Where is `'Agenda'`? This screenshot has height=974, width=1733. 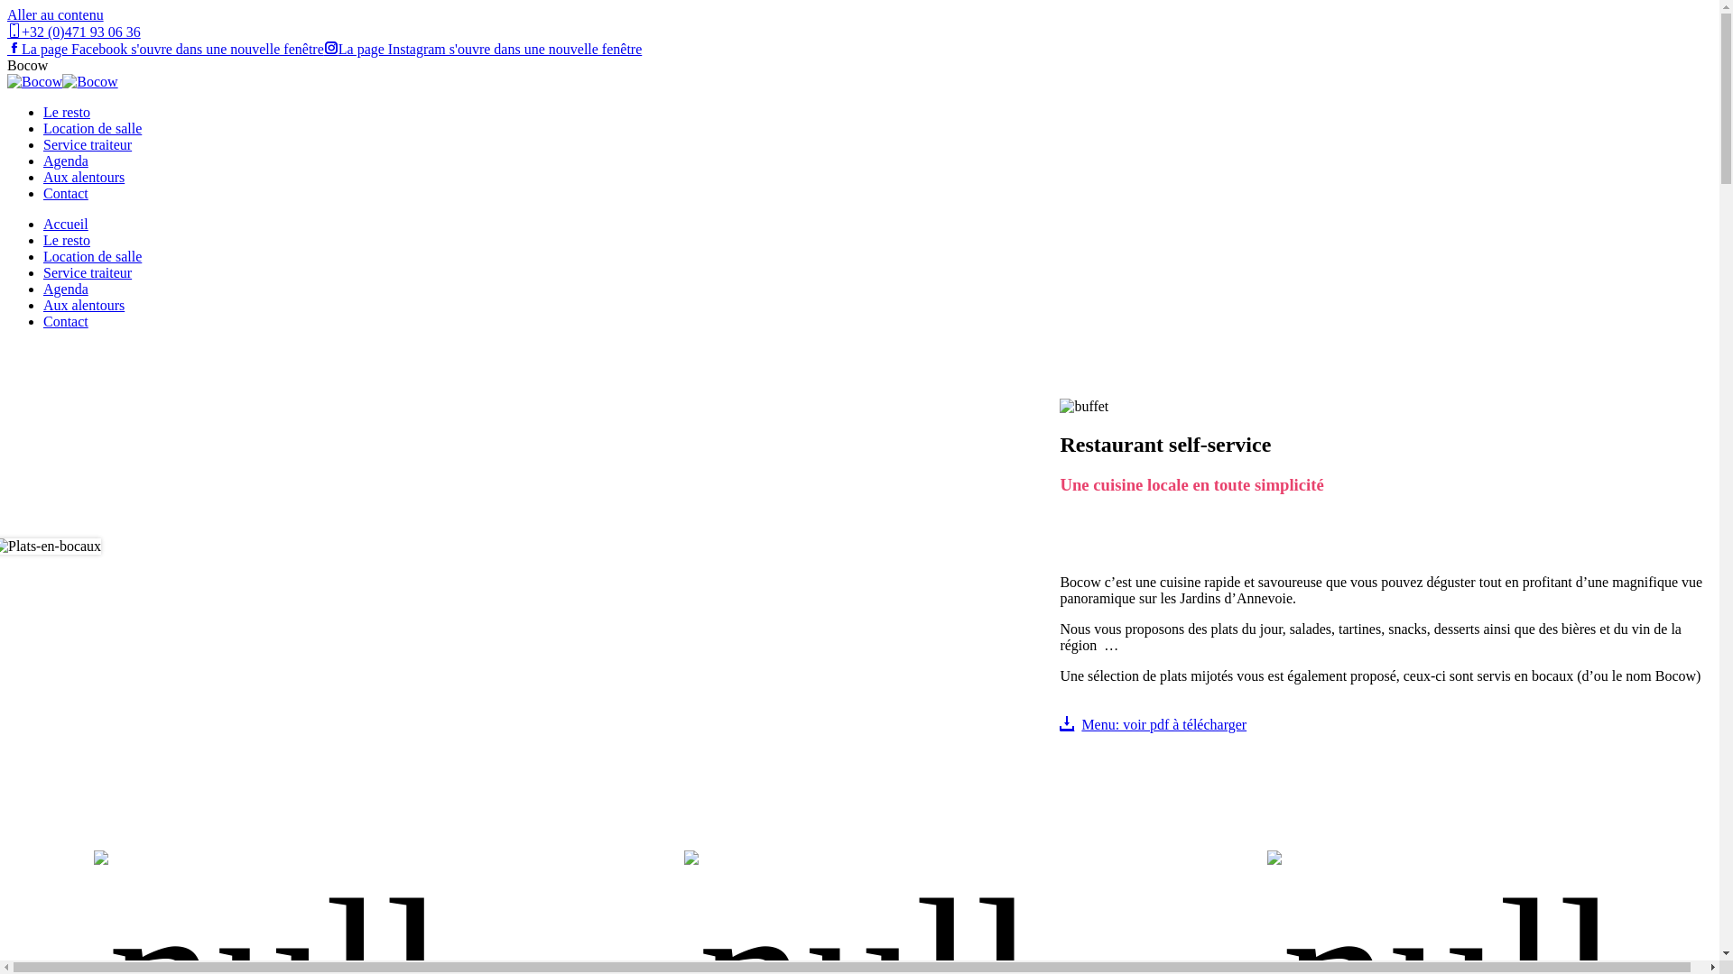
'Agenda' is located at coordinates (43, 160).